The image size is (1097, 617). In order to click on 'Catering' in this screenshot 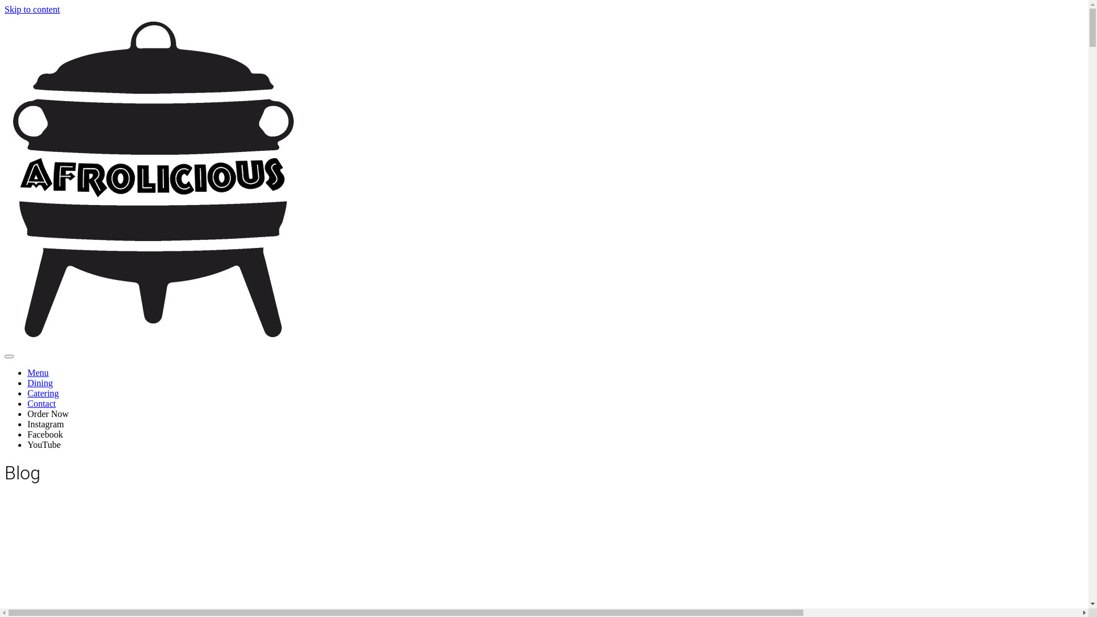, I will do `click(27, 392)`.